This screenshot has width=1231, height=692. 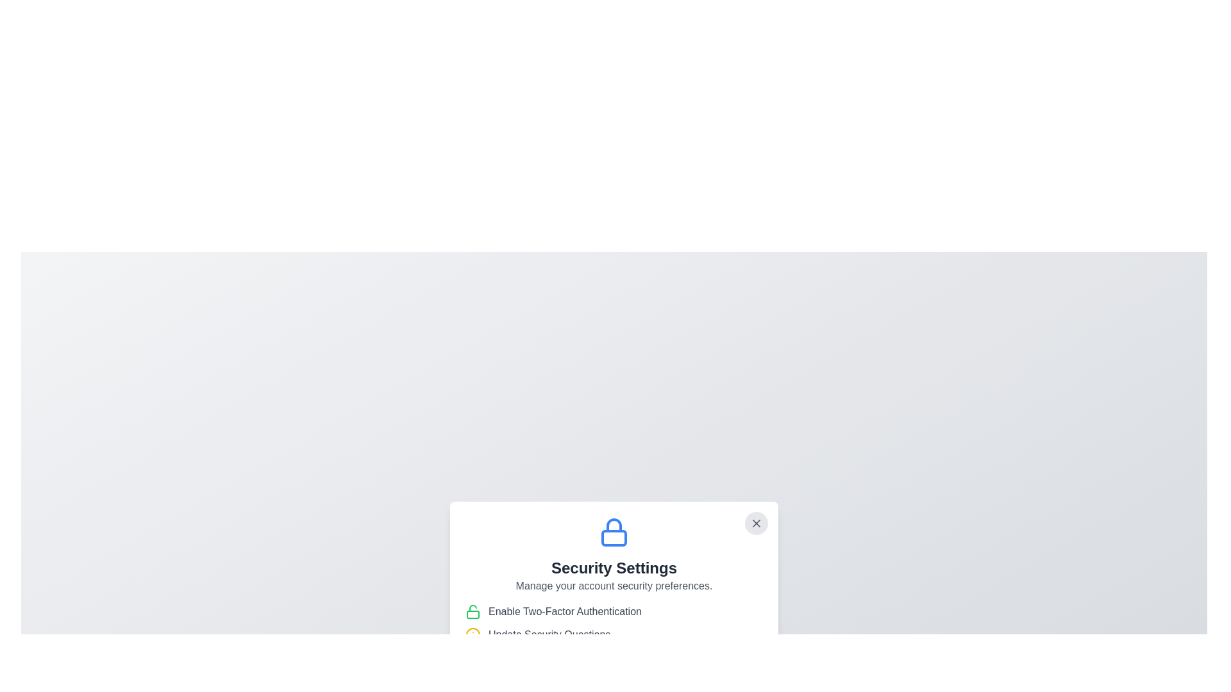 I want to click on the clickable row labeled 'Enable Two-Factor Authentication' which is the first option in the 'Security Settings' dialog, so click(x=614, y=622).